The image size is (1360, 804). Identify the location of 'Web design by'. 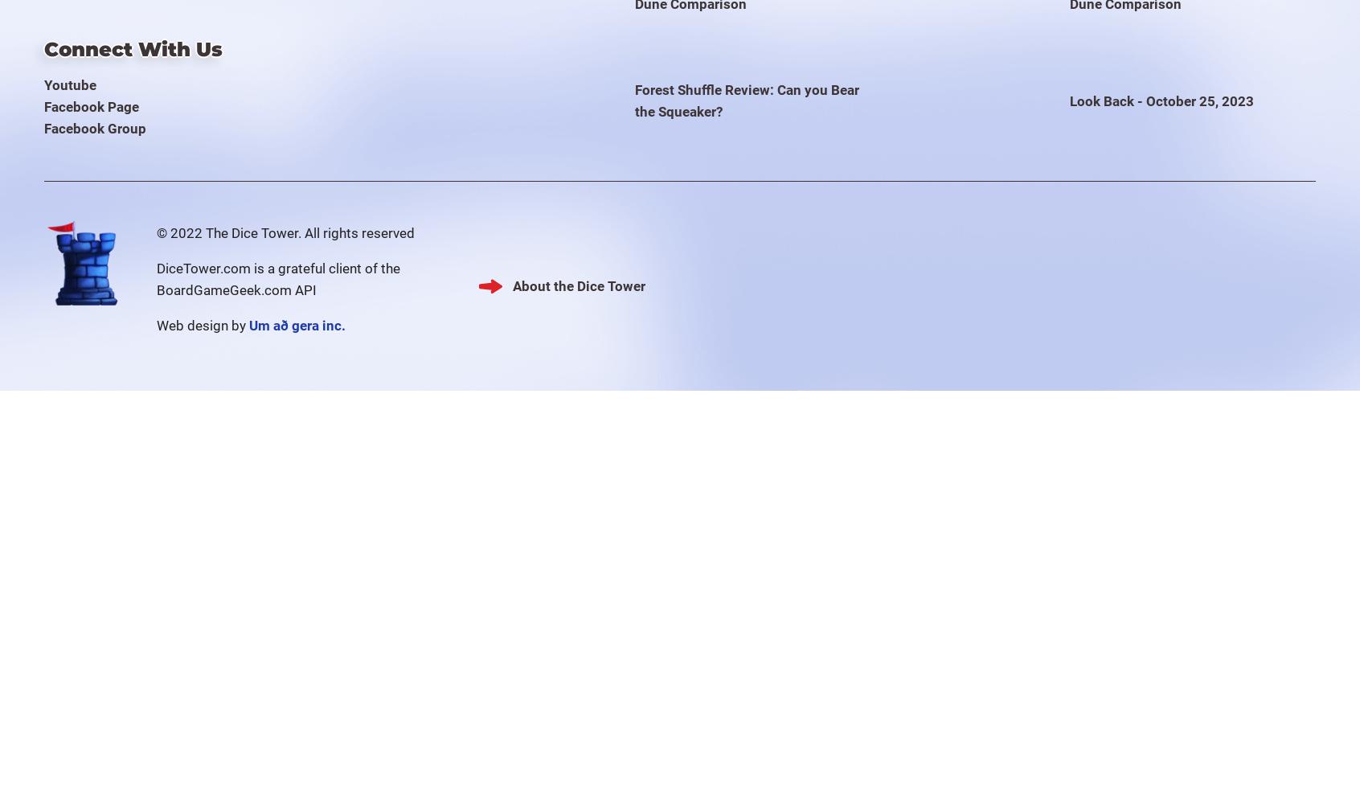
(203, 325).